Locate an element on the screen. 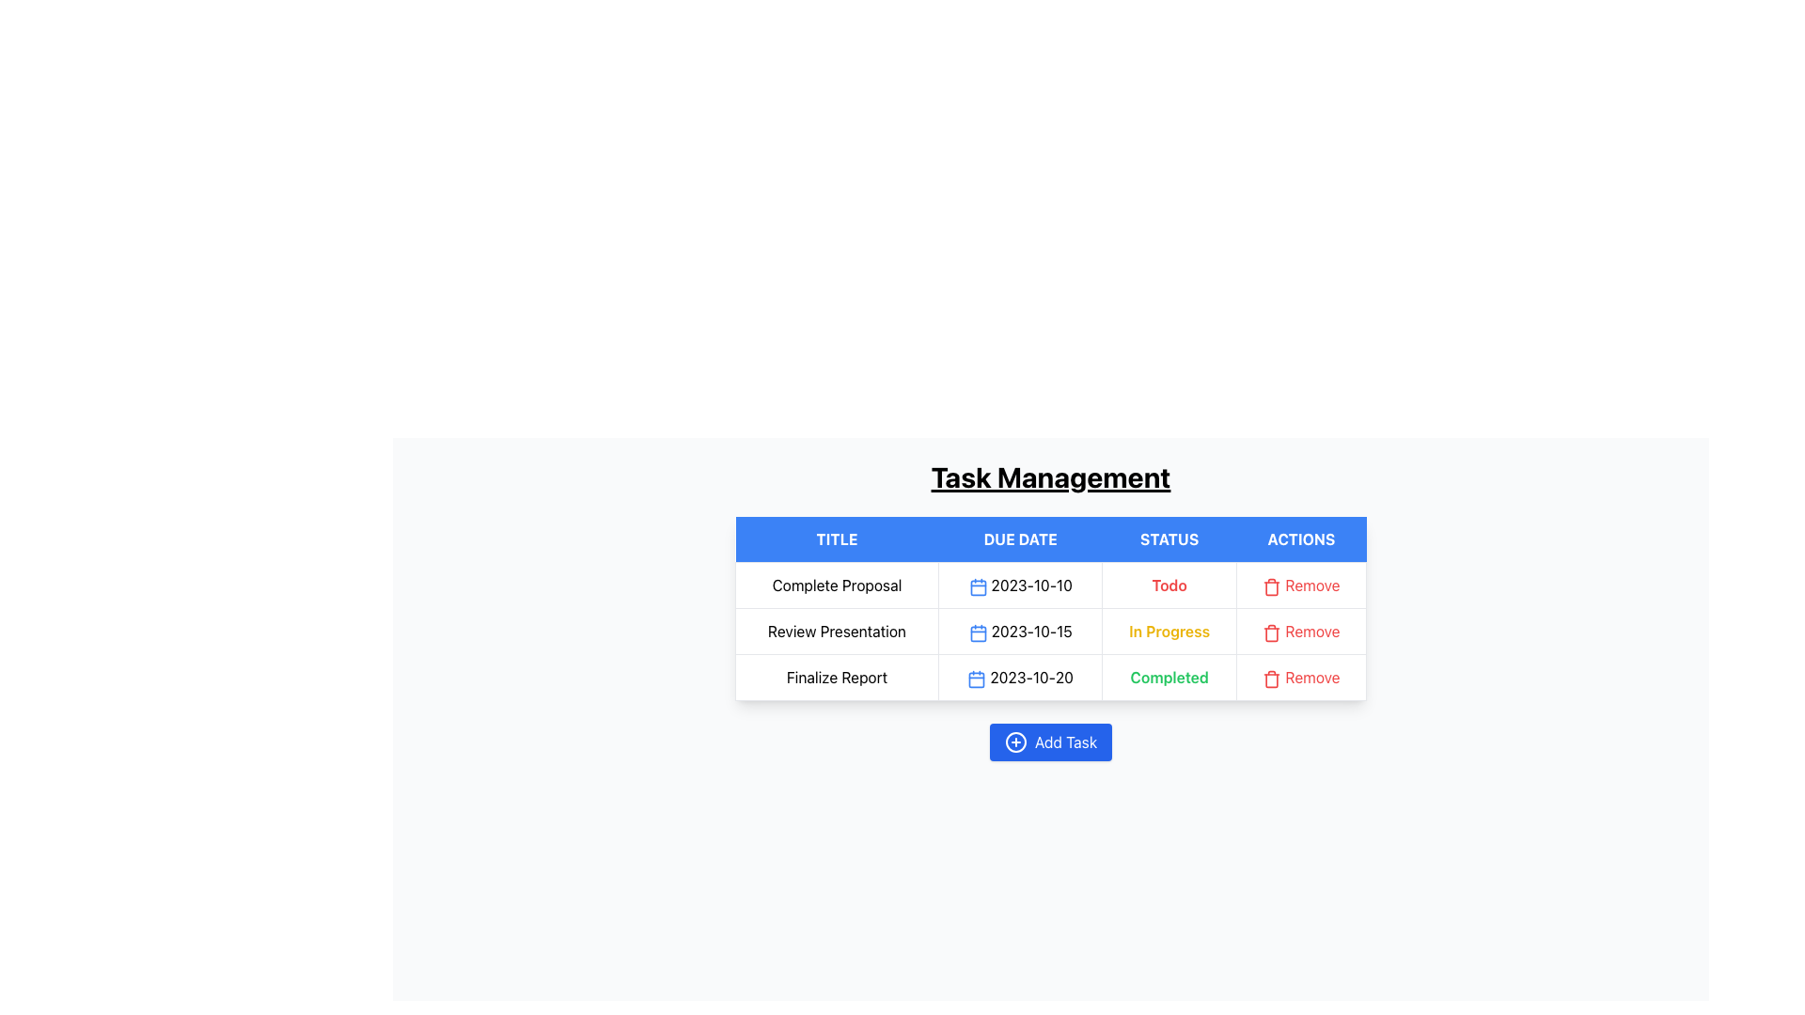  the third 'Remove' action button in the 'Actions' column of the task management table, aligned with the 'Finalize Report' row is located at coordinates (1300, 678).